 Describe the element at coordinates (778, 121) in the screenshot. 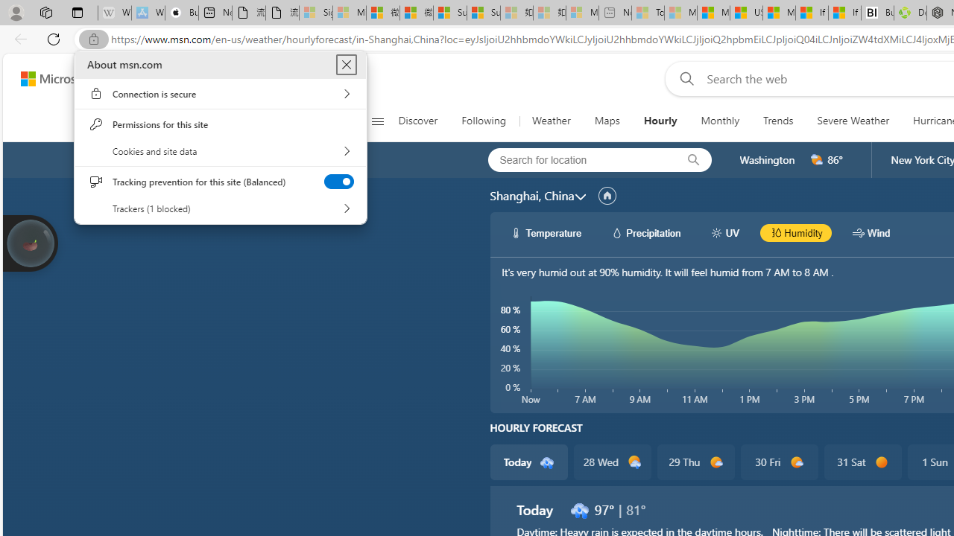

I see `'Trends'` at that location.